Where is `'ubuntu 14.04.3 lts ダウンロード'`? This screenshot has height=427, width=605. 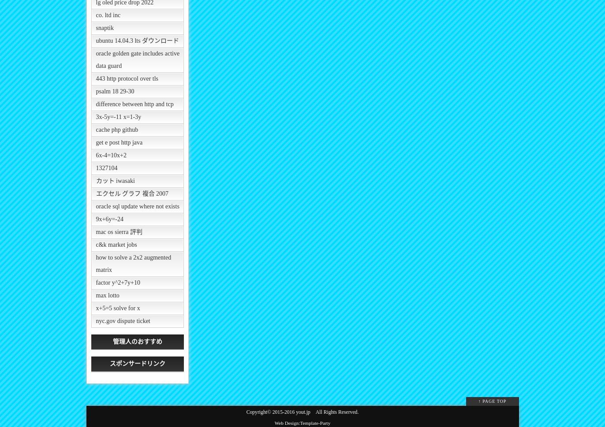
'ubuntu 14.04.3 lts ダウンロード' is located at coordinates (96, 41).